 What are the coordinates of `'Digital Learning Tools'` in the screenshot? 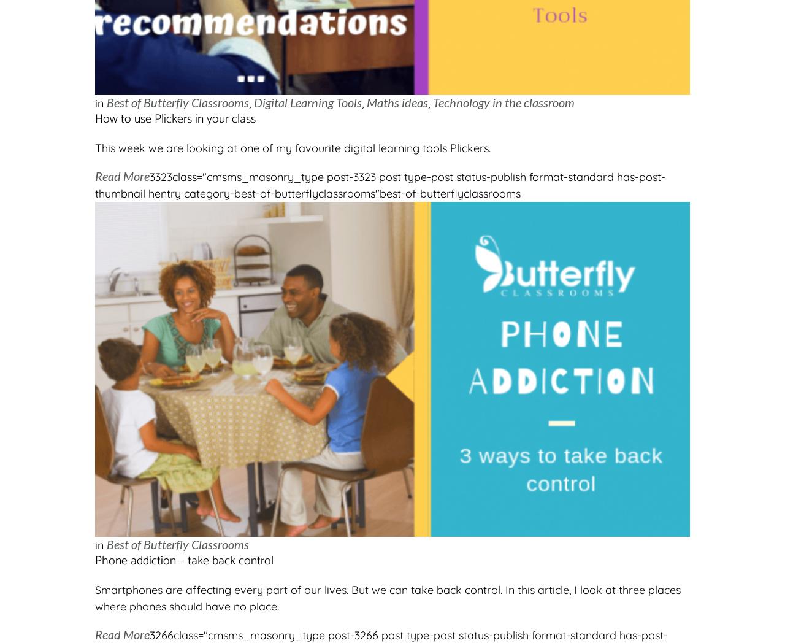 It's located at (308, 102).